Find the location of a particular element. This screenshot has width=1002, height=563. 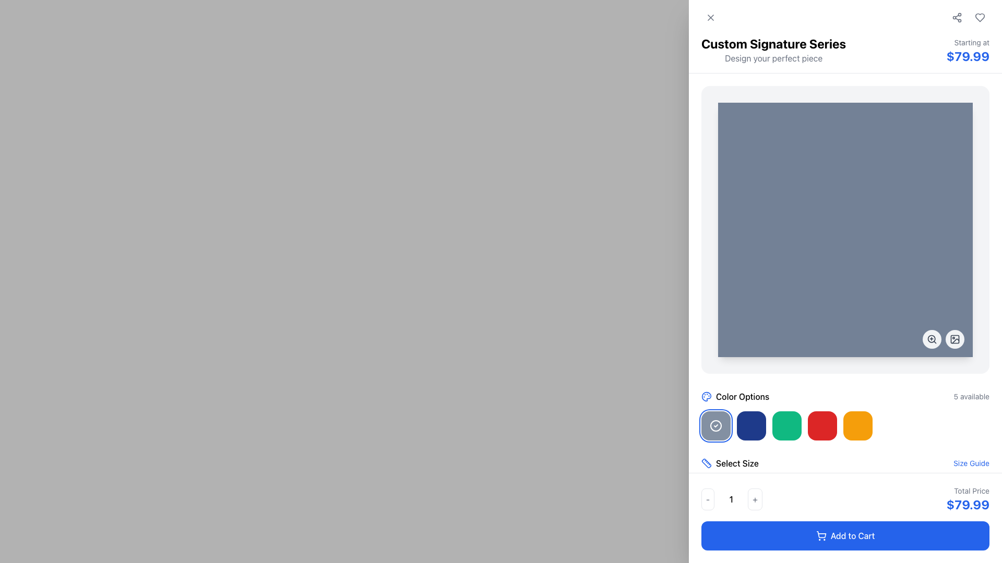

the Share button icon, which is a simple outlined SVG resembling a share symbol with three interconnected dots, located in the top right corner of the interface next to a heart icon is located at coordinates (957, 18).